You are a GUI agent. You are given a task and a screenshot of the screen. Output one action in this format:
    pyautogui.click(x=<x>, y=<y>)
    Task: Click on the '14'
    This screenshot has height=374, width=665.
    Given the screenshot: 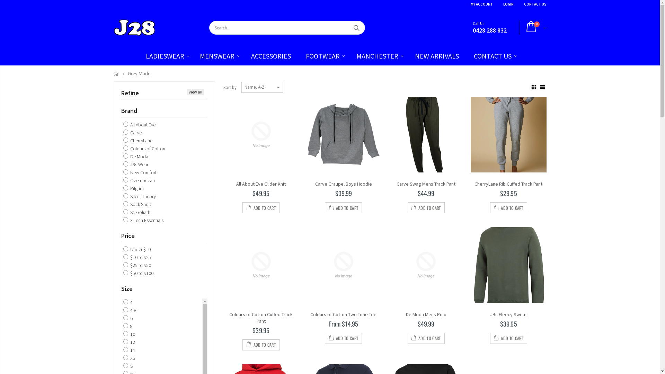 What is the action you would take?
    pyautogui.click(x=129, y=350)
    